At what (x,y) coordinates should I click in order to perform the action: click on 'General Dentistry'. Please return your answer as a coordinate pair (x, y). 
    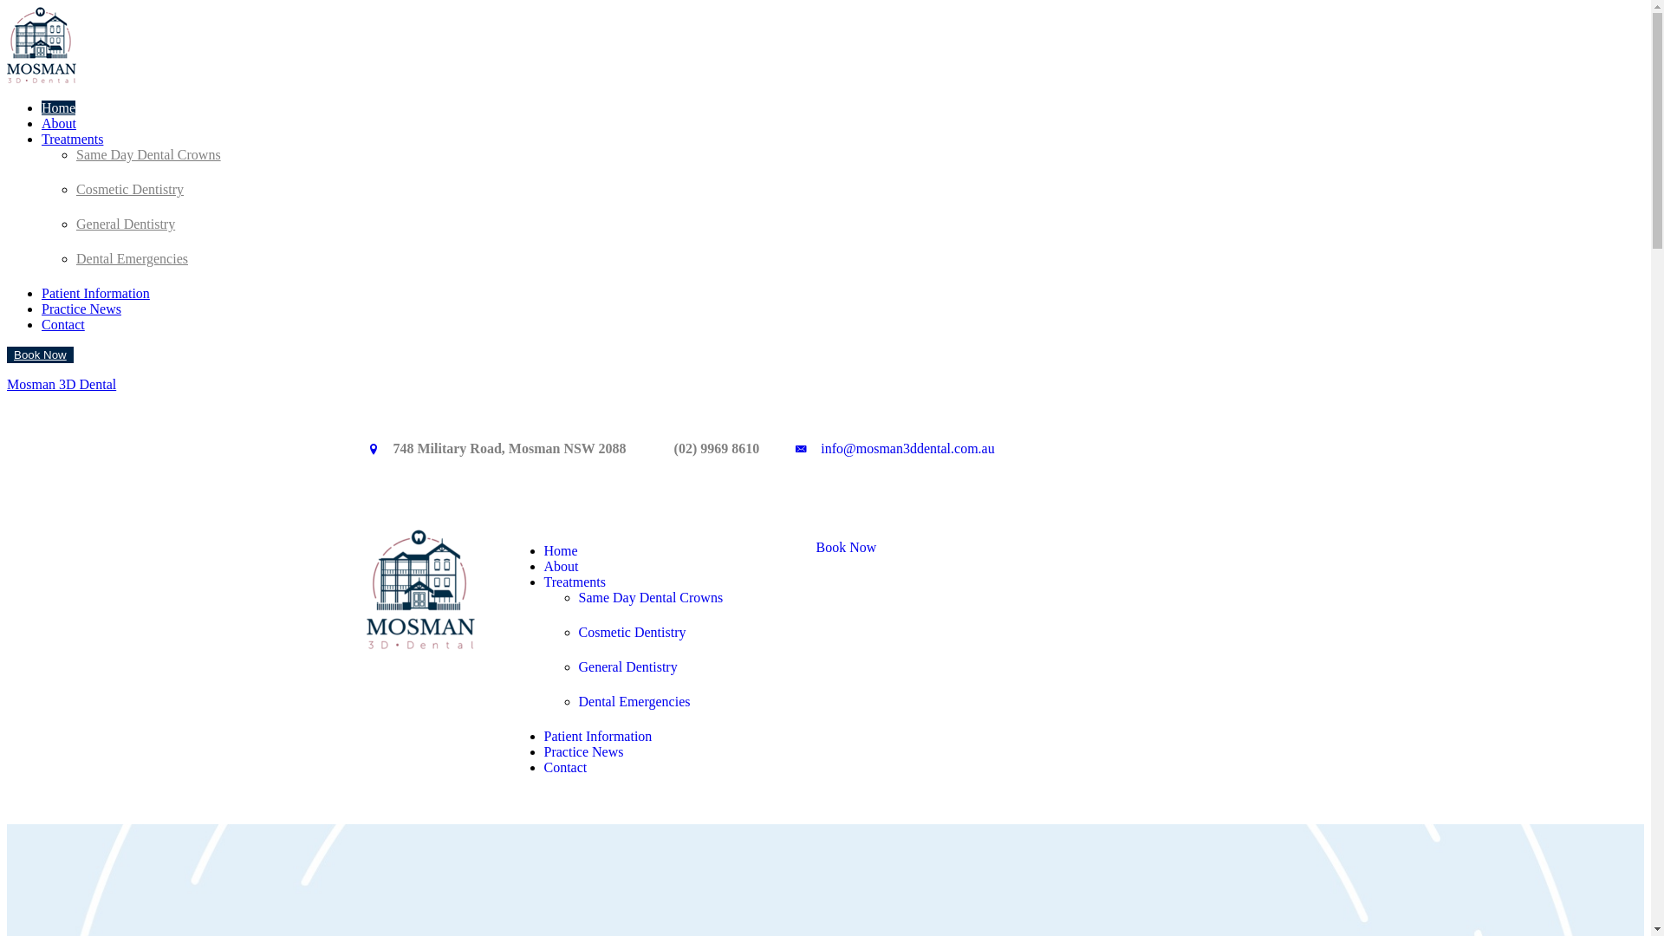
    Looking at the image, I should click on (627, 661).